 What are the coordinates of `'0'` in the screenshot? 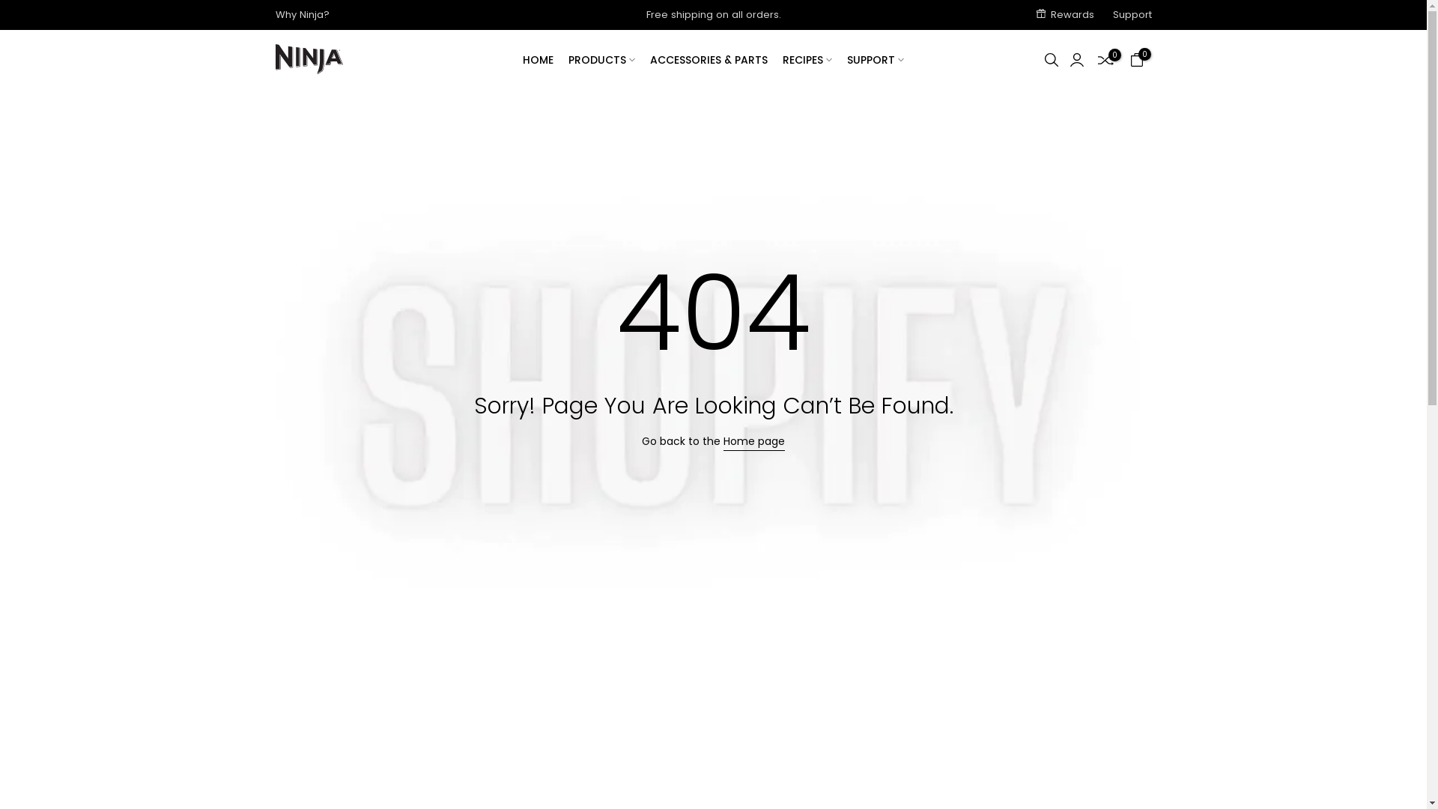 It's located at (1105, 59).